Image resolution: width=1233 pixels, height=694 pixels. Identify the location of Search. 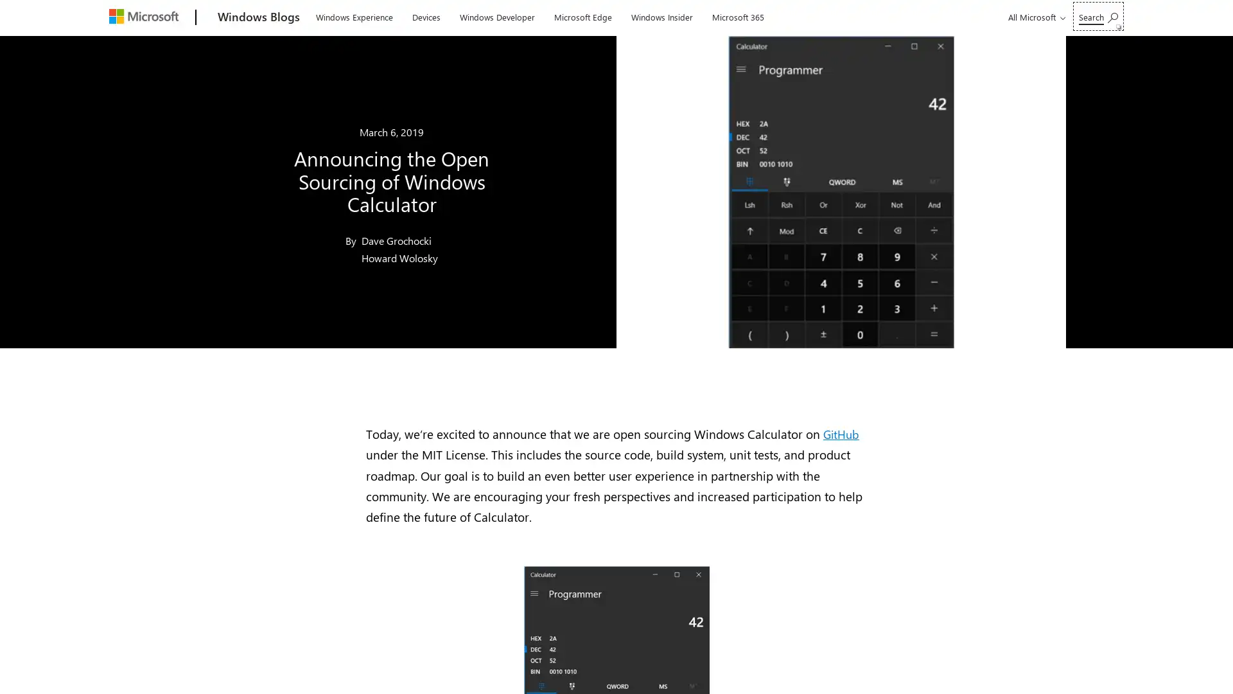
(1097, 16).